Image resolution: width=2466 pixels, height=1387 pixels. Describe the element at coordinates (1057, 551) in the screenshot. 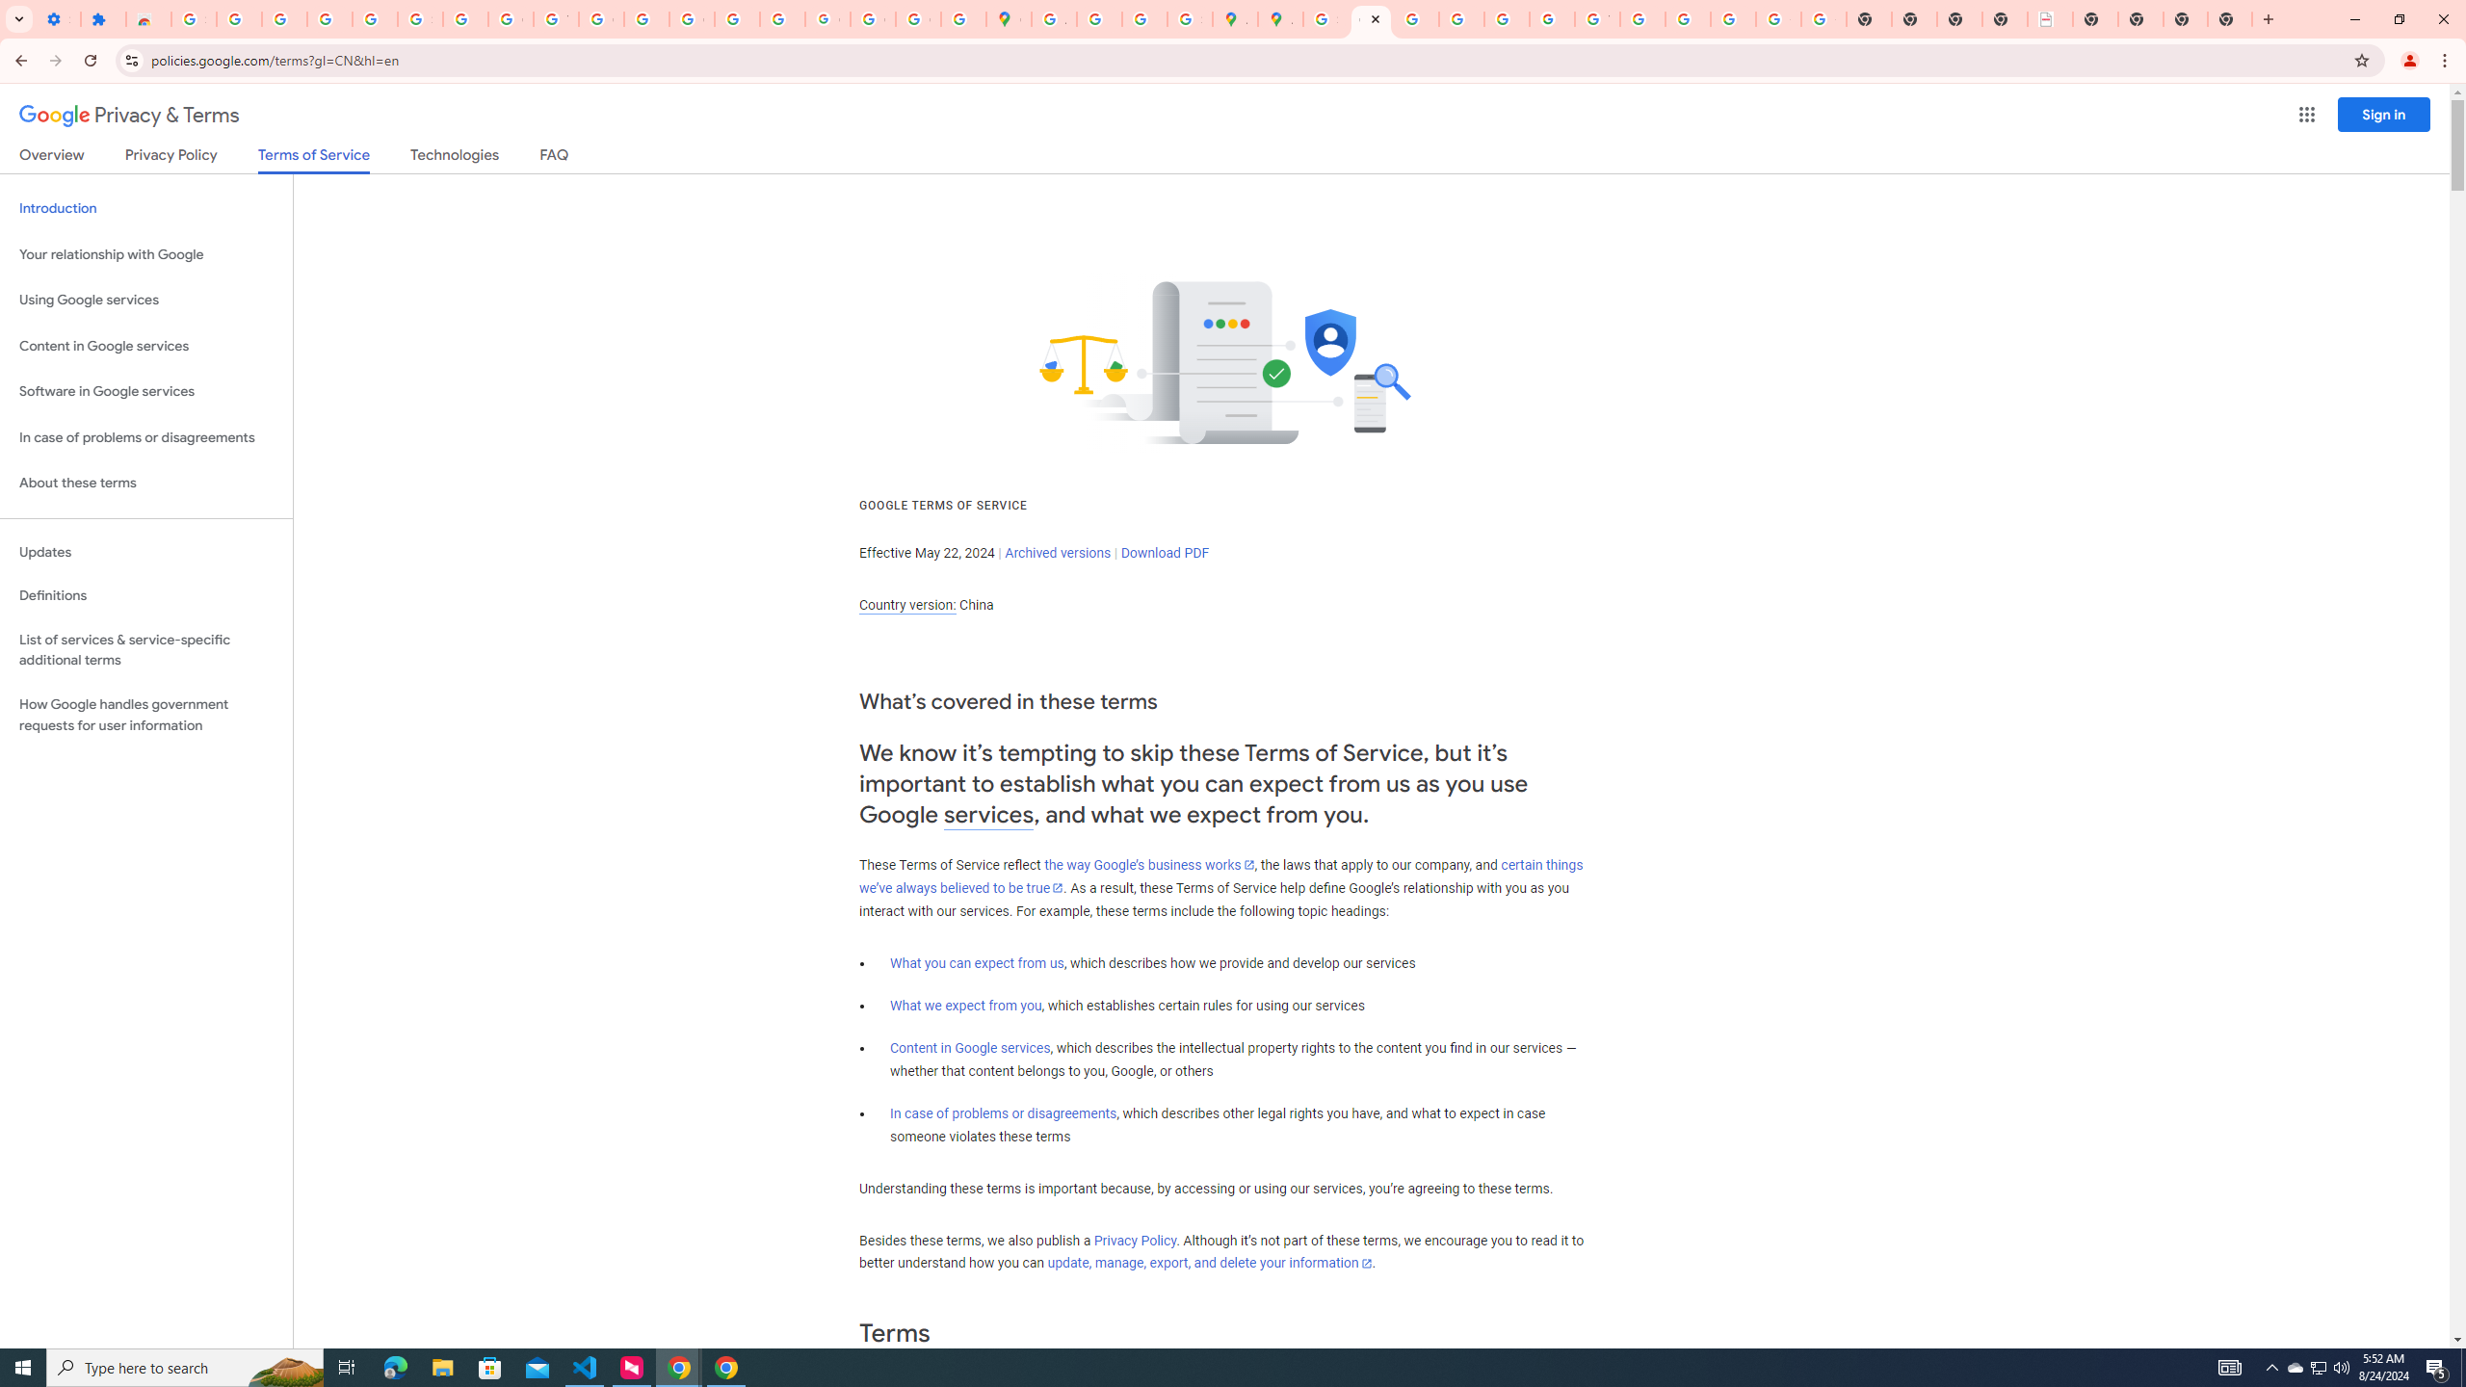

I see `'Archived versions'` at that location.